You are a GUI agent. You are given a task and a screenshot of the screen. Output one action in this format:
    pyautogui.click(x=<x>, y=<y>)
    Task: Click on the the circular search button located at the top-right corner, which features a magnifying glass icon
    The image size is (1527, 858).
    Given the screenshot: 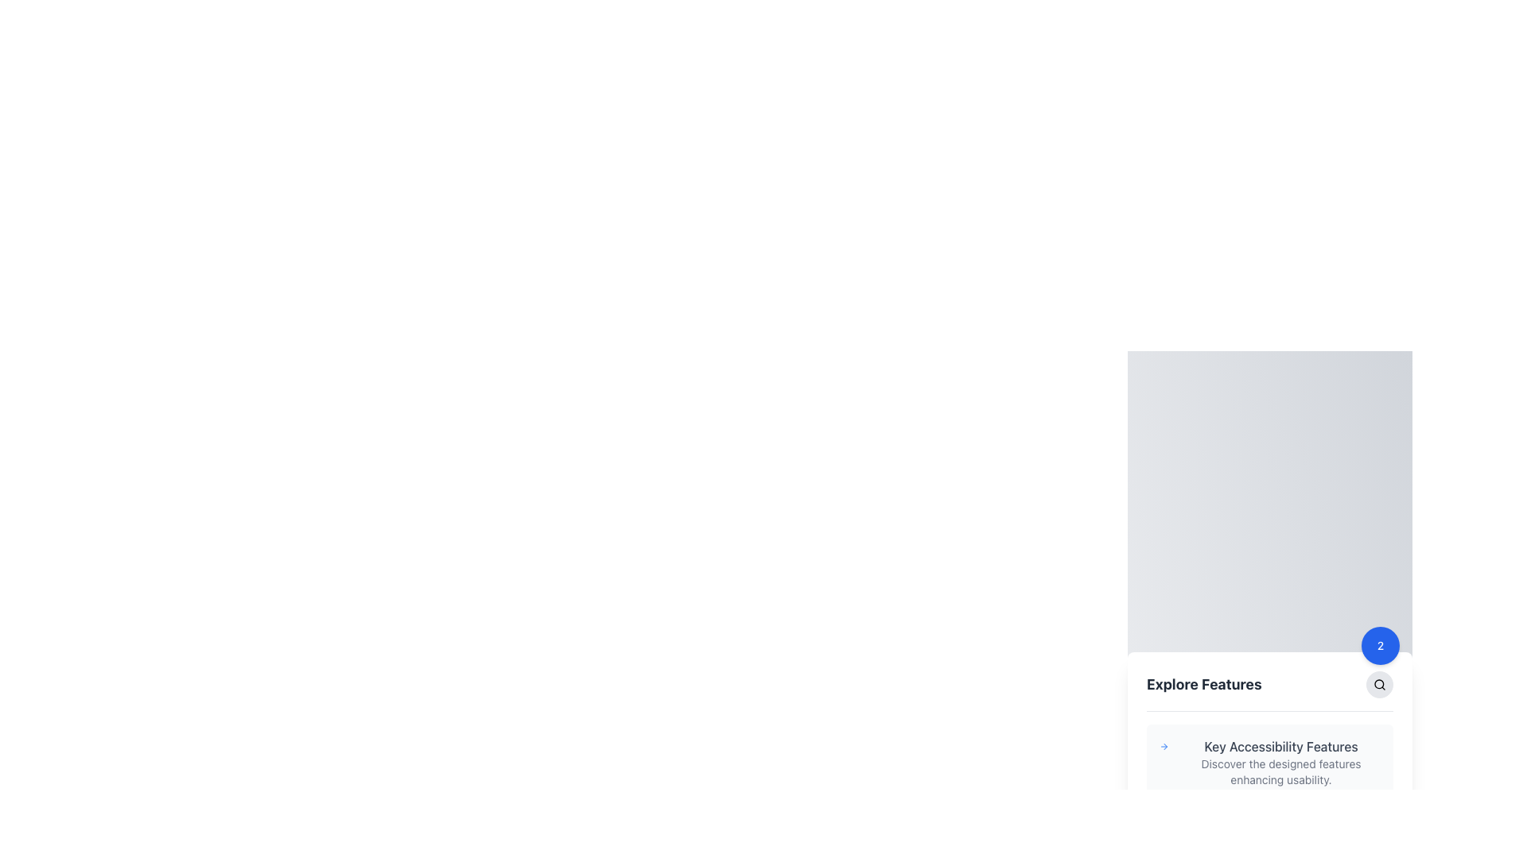 What is the action you would take?
    pyautogui.click(x=1378, y=683)
    